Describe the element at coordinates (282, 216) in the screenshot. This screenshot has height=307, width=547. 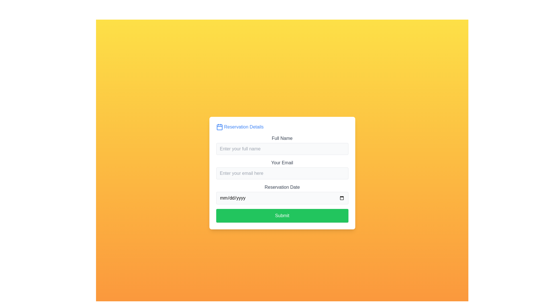
I see `the submit button located at the bottom of the form interface` at that location.